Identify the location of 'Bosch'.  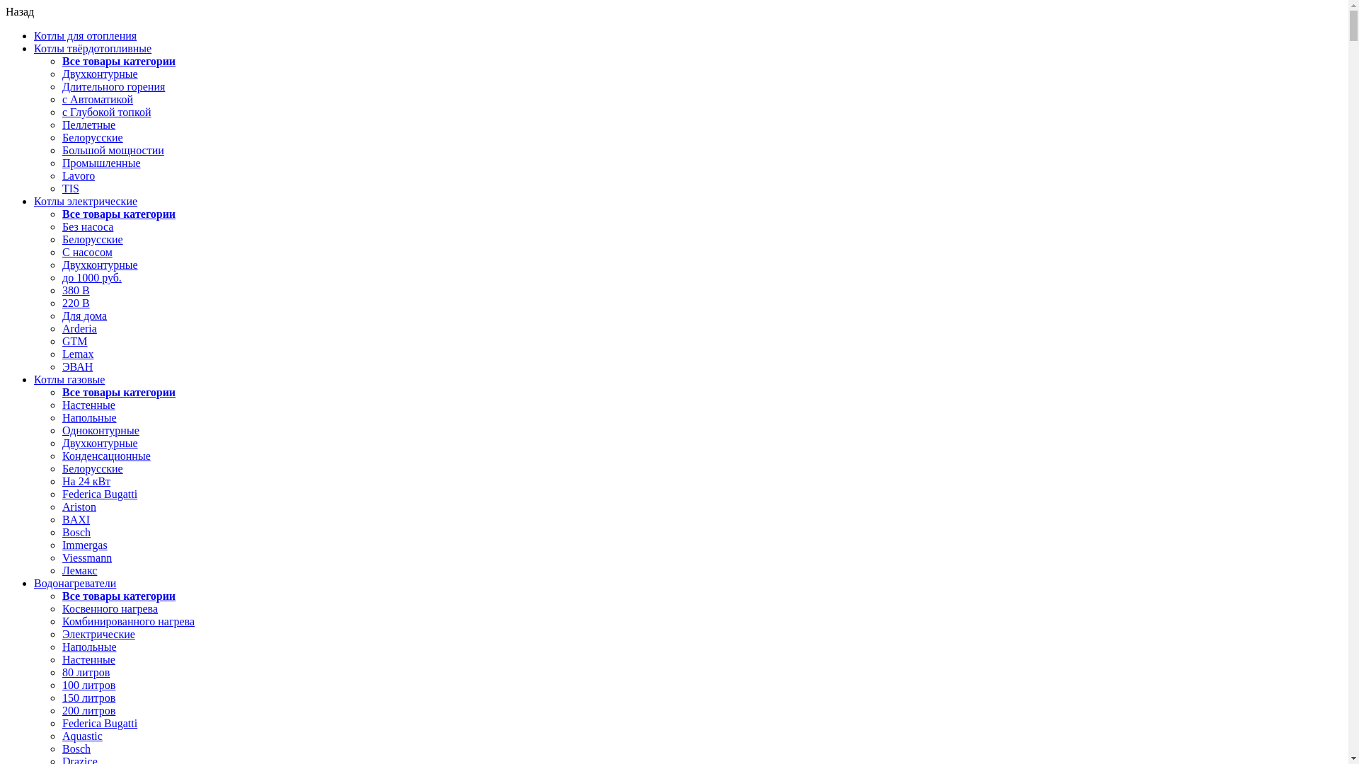
(75, 532).